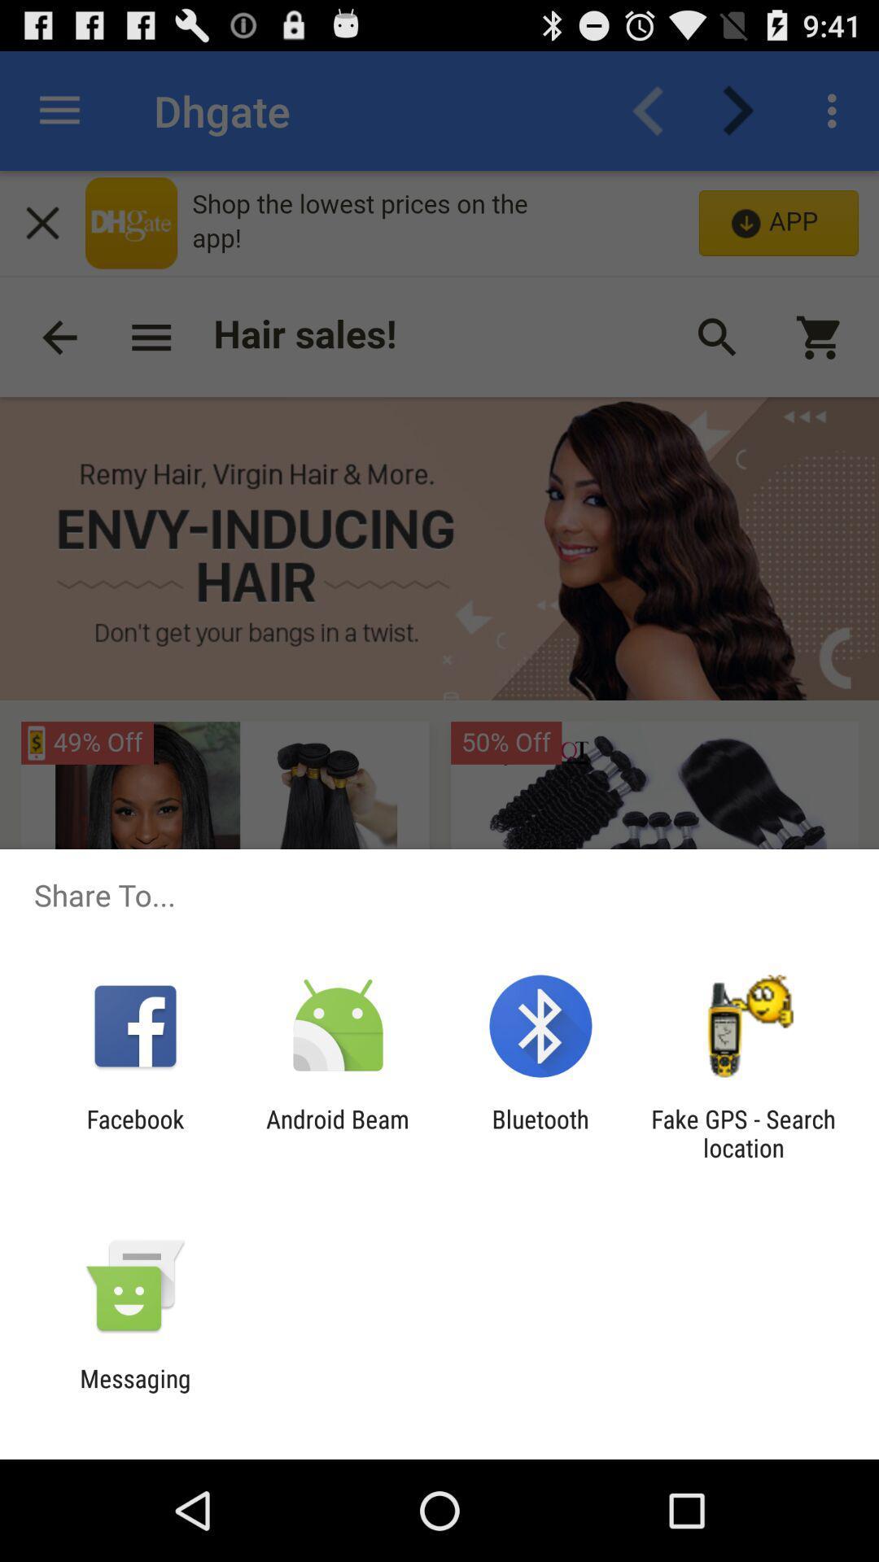 The width and height of the screenshot is (879, 1562). Describe the element at coordinates (743, 1132) in the screenshot. I see `fake gps search icon` at that location.